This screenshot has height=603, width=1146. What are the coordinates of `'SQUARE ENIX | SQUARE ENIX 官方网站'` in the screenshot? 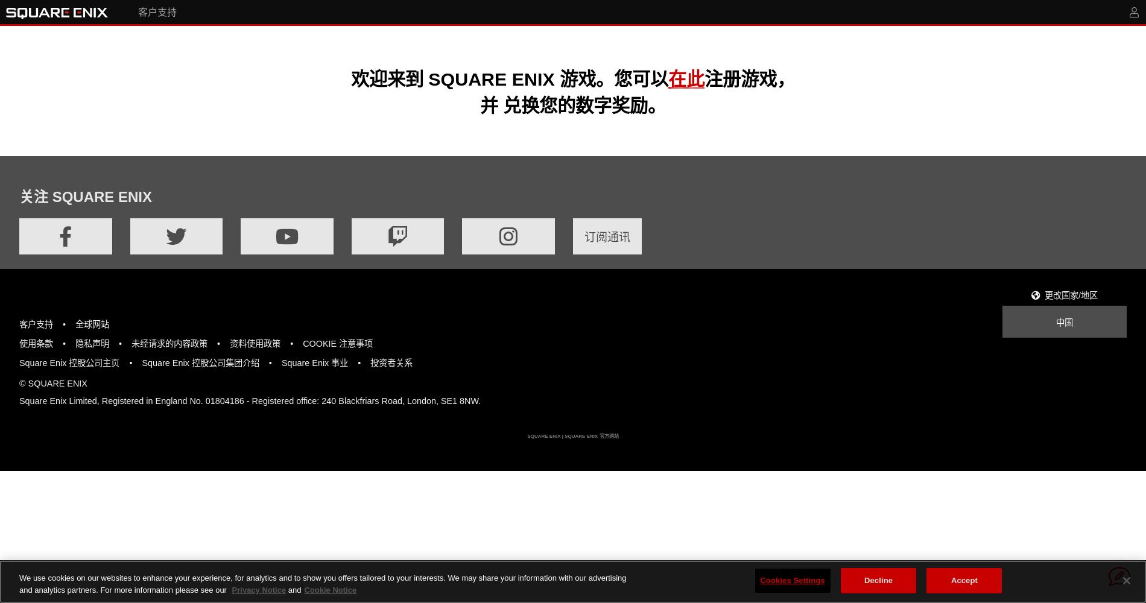 It's located at (572, 435).